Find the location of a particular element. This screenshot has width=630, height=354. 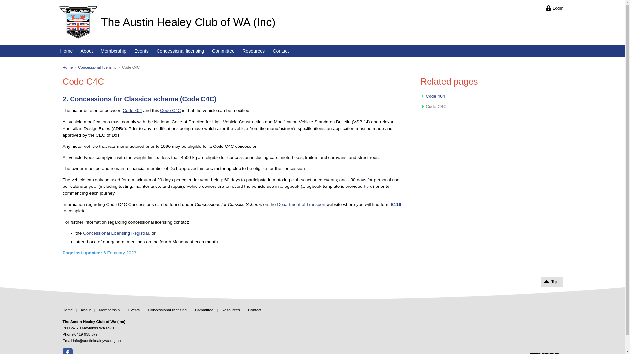

'Code 404' is located at coordinates (435, 96).